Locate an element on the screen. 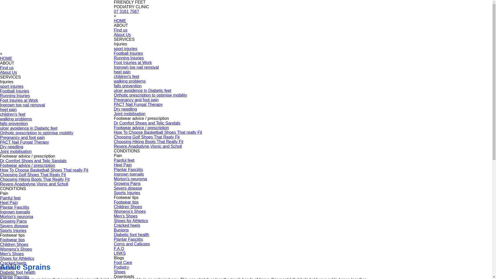 The height and width of the screenshot is (279, 496). 'PACT Nail Fungal Therapy' is located at coordinates (138, 104).